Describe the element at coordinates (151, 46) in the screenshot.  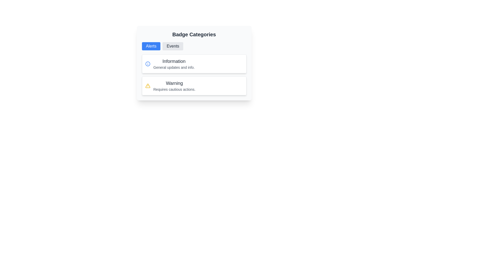
I see `the 'Alerts' button located under the 'Badge Categories' heading` at that location.